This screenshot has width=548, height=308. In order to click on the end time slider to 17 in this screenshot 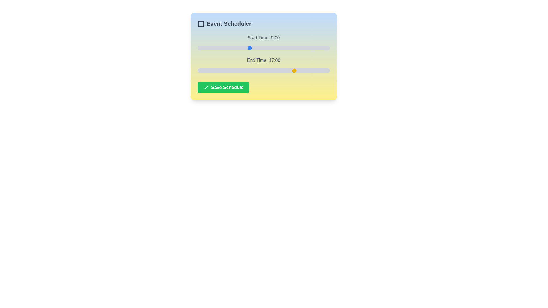, I will do `click(295, 70)`.